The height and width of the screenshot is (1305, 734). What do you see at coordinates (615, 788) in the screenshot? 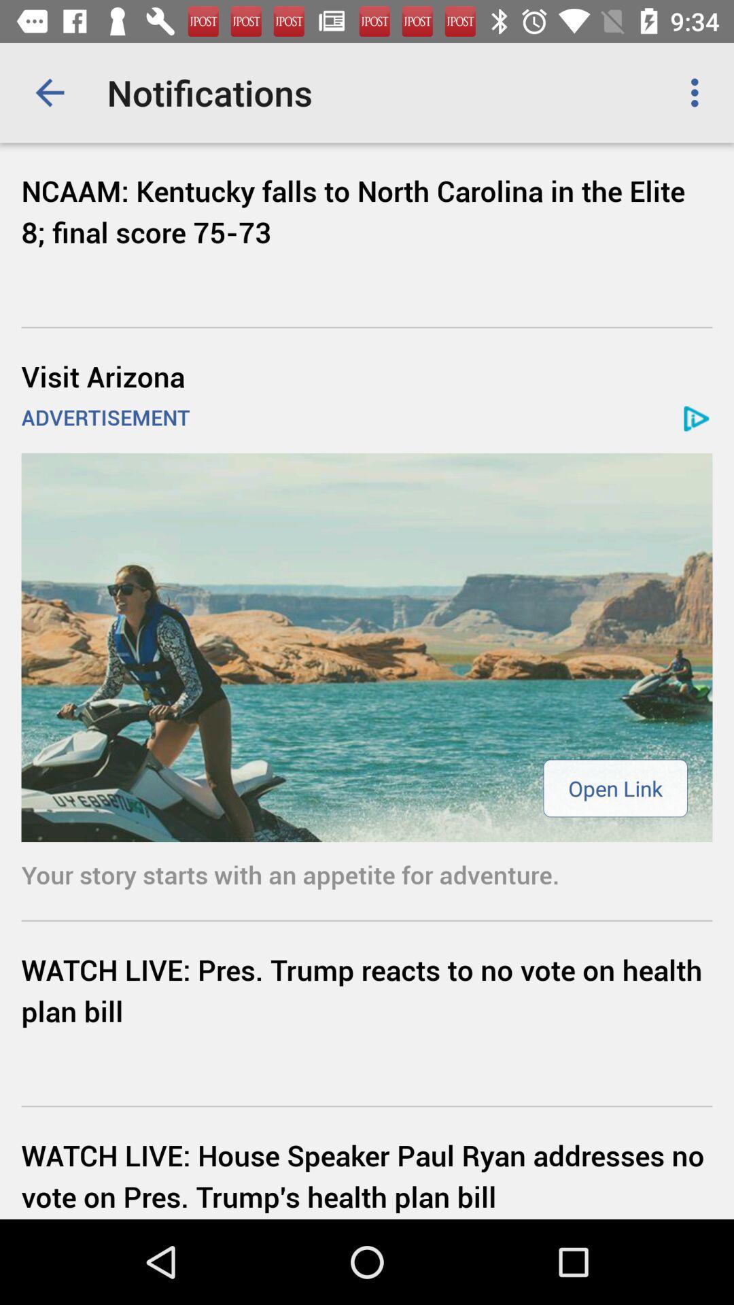
I see `the icon on the right` at bounding box center [615, 788].